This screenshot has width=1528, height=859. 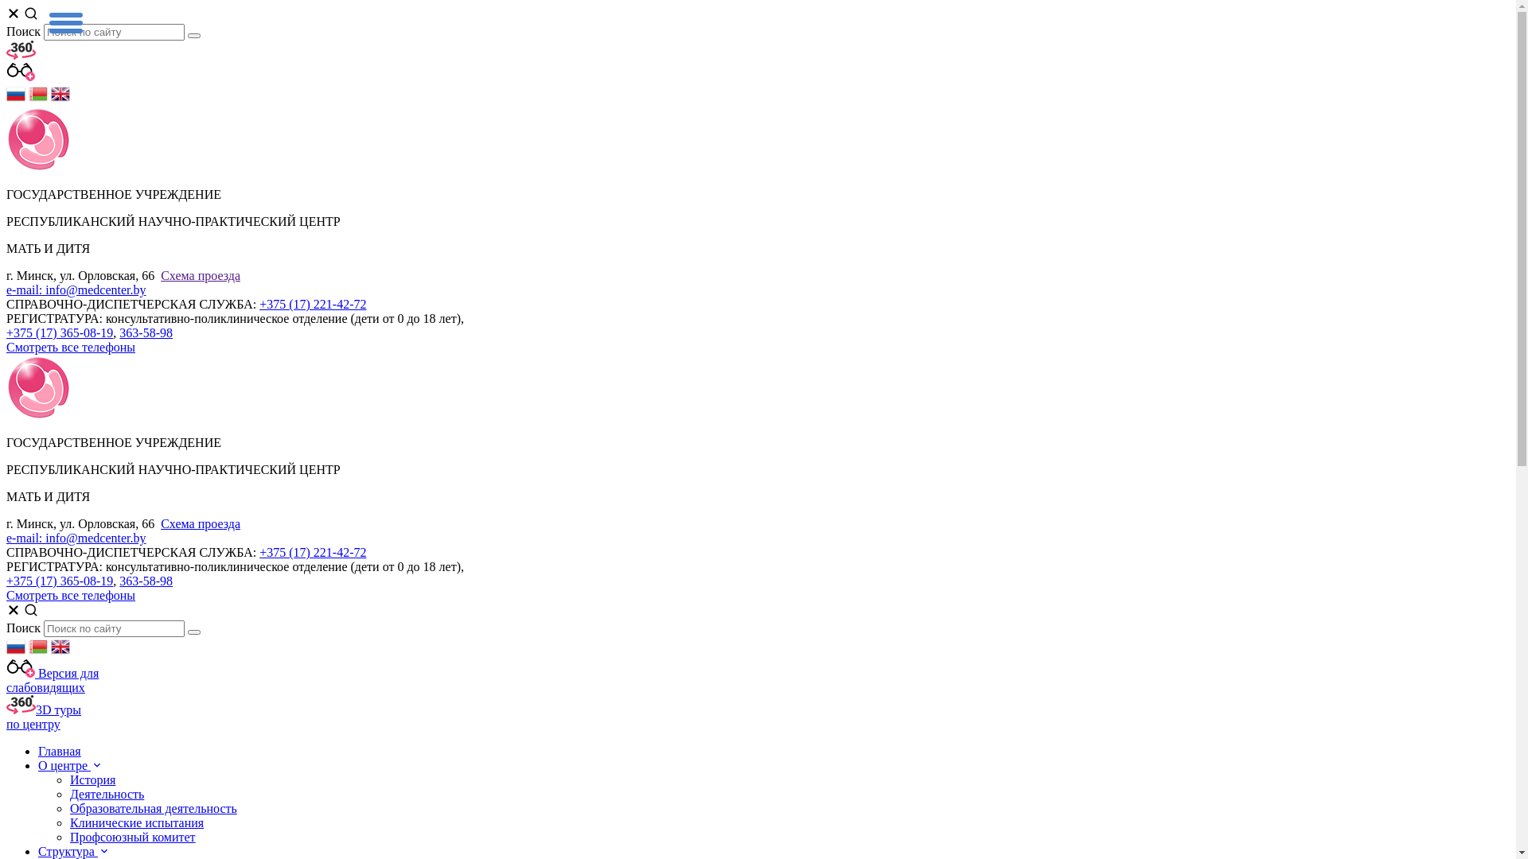 What do you see at coordinates (146, 581) in the screenshot?
I see `'363-58-98'` at bounding box center [146, 581].